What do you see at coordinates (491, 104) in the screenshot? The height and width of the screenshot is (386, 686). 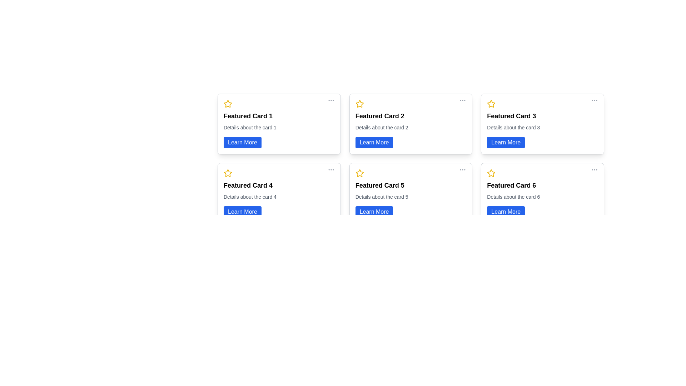 I see `the yellow star icon located to the left of the title 'Featured Card 3' in the second card of the top row of the cards' grid layout` at bounding box center [491, 104].